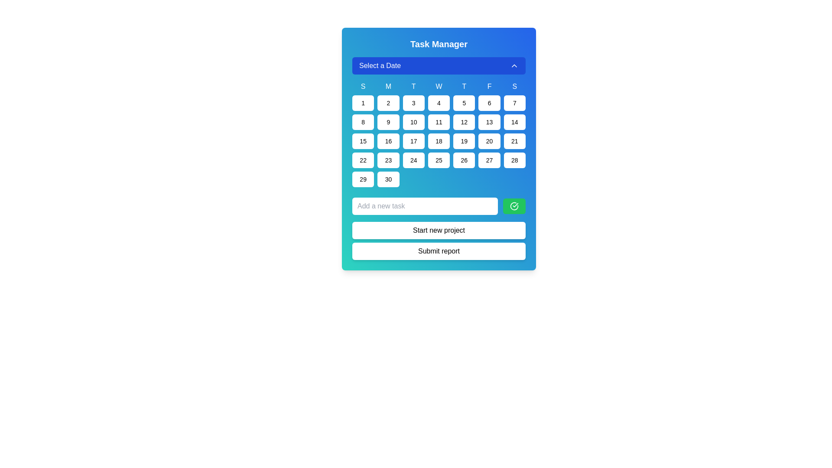  Describe the element at coordinates (439, 87) in the screenshot. I see `the bold letter 'W' styled in white on a blue background, which is the fourth element in a row of weekday initials` at that location.